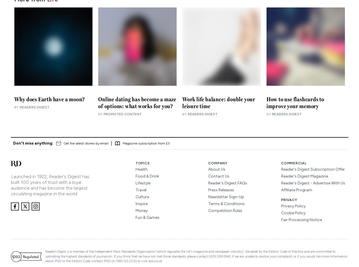 The height and width of the screenshot is (267, 359). I want to click on 'Magazine subscription from £3', so click(146, 143).